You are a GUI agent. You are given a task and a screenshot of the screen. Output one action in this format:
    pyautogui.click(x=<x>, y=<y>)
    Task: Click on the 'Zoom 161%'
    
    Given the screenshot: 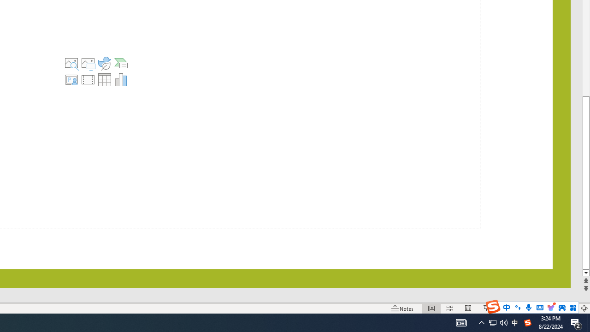 What is the action you would take?
    pyautogui.click(x=568, y=308)
    